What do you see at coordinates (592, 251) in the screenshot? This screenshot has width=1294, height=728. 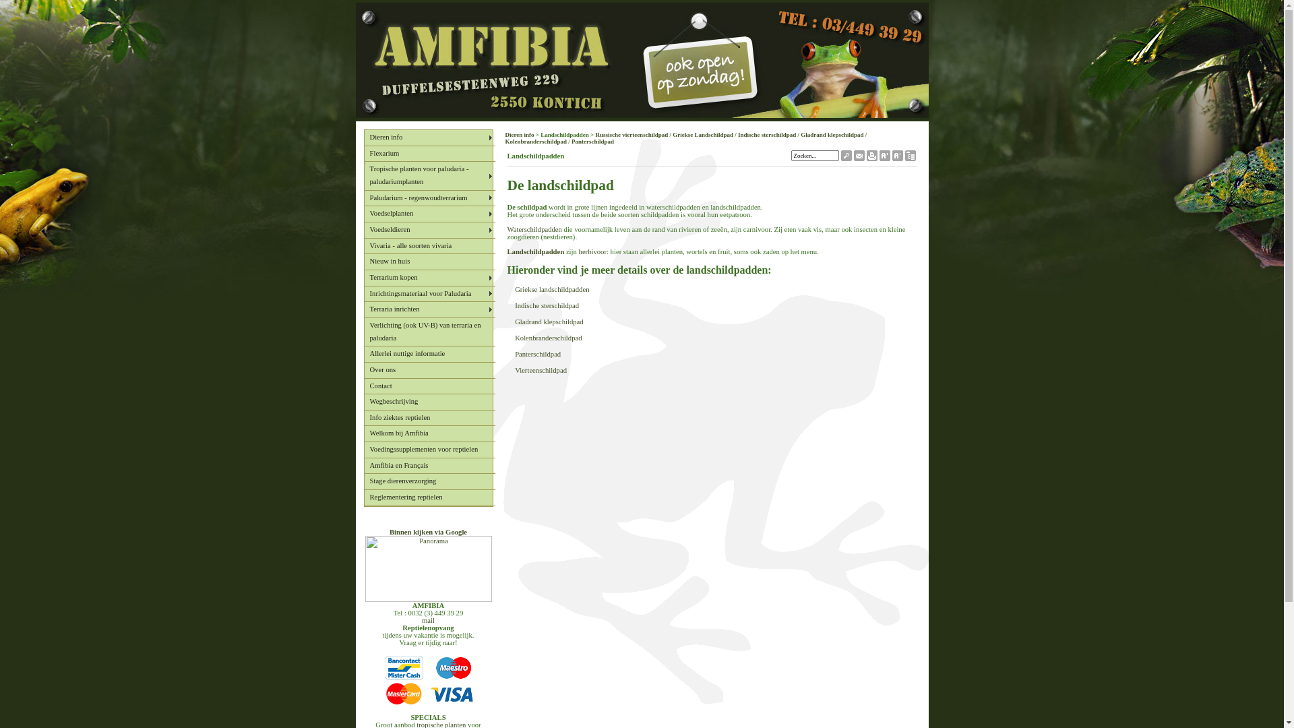 I see `'herbivoor'` at bounding box center [592, 251].